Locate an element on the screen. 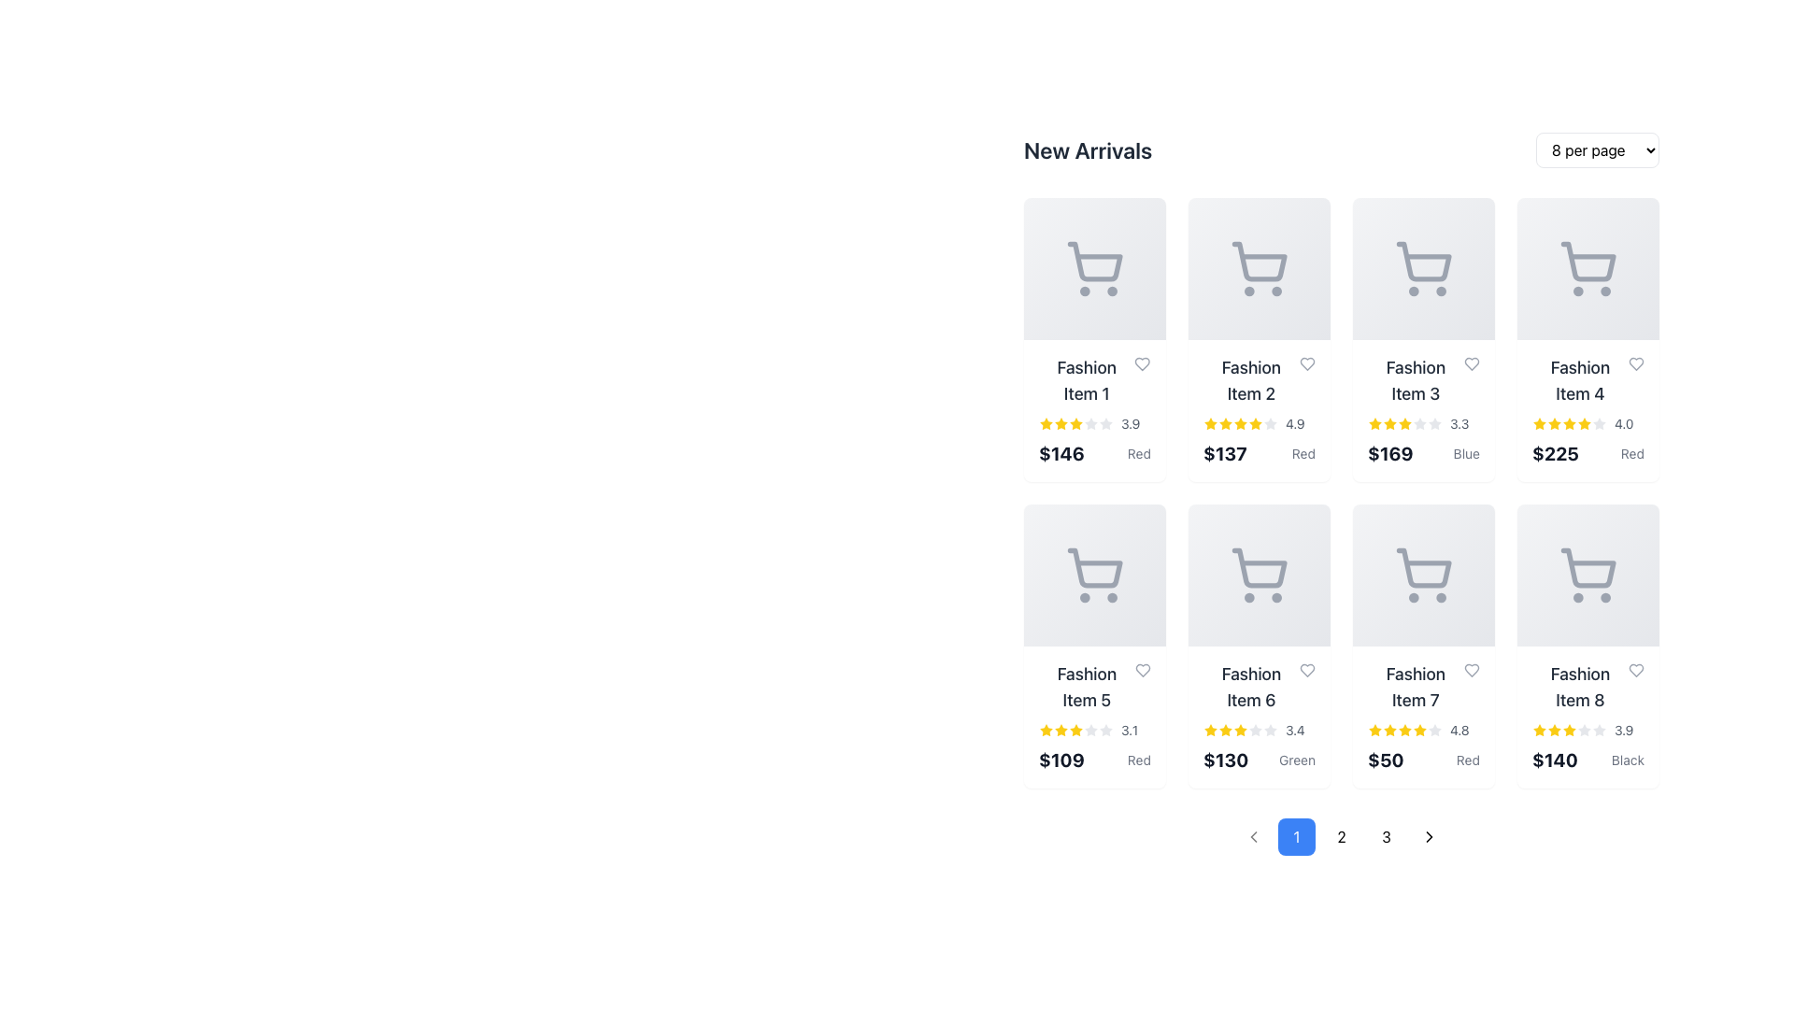 Image resolution: width=1794 pixels, height=1009 pixels. the first star icon in the rating system for Fashion Item 8 is located at coordinates (1539, 730).